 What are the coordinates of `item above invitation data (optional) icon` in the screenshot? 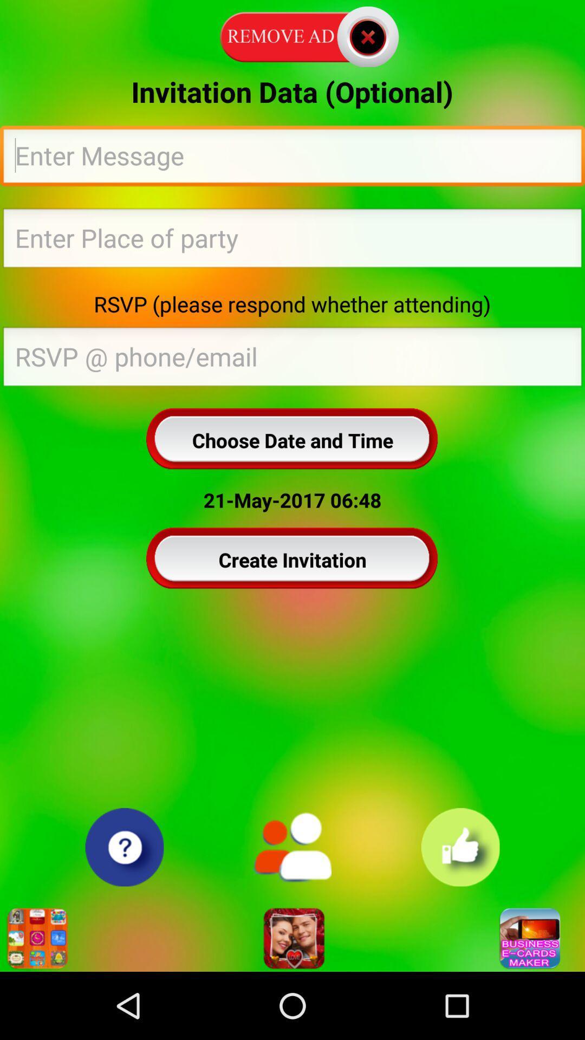 It's located at (292, 35).